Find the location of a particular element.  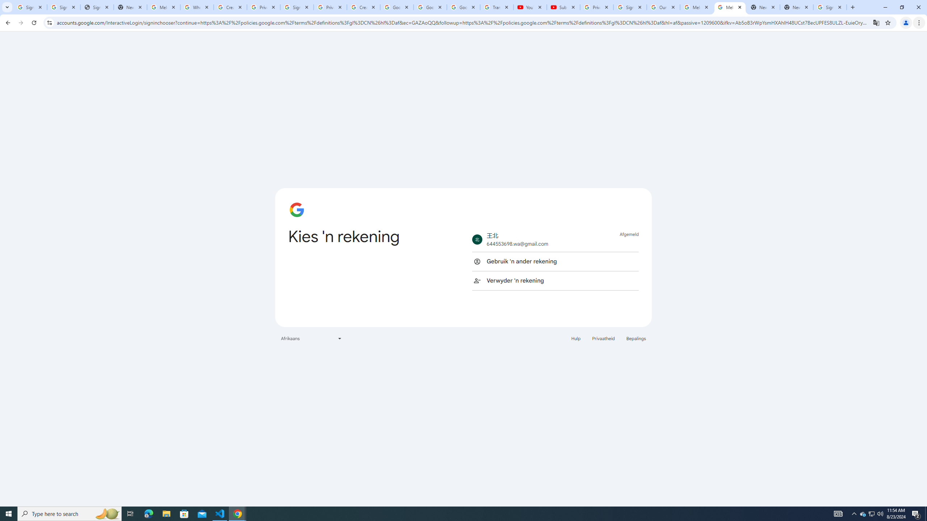

'Hulp' is located at coordinates (575, 338).